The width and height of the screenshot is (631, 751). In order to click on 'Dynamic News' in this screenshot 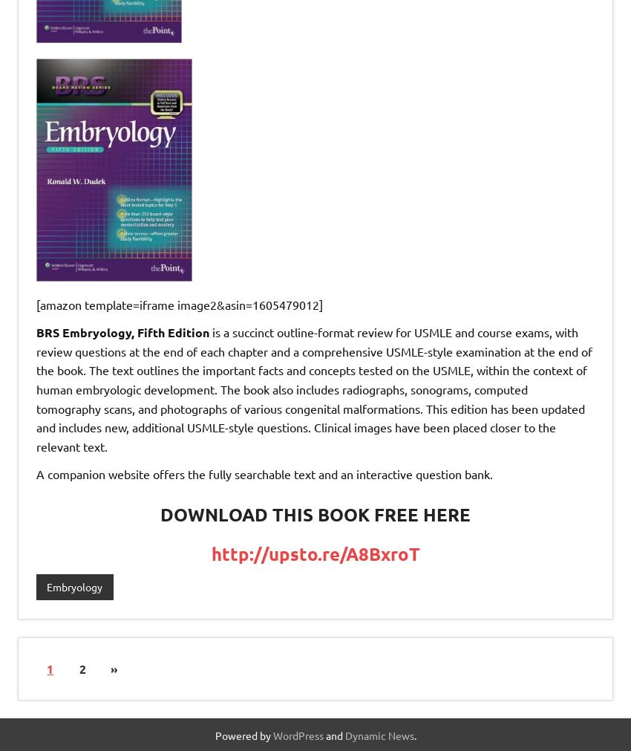, I will do `click(344, 735)`.